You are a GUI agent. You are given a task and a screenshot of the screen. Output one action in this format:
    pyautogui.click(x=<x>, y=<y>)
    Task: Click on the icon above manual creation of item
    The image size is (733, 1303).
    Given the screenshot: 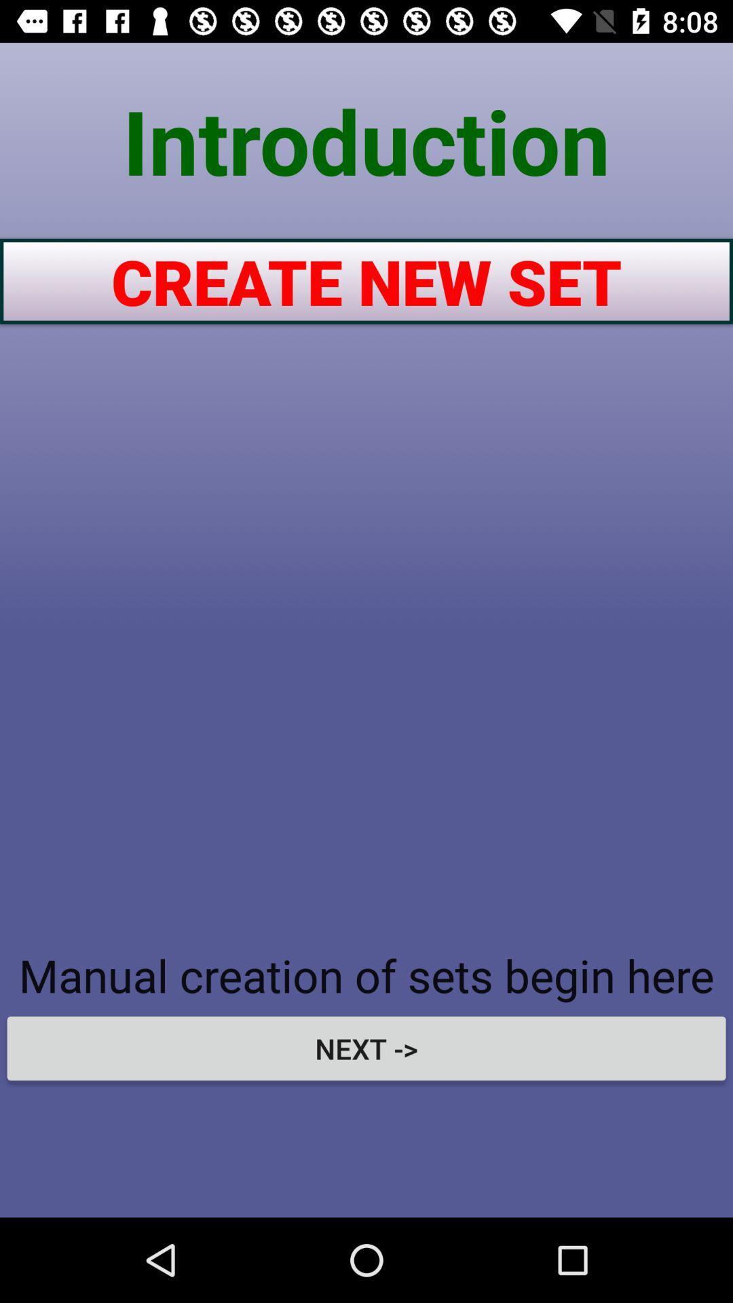 What is the action you would take?
    pyautogui.click(x=366, y=280)
    